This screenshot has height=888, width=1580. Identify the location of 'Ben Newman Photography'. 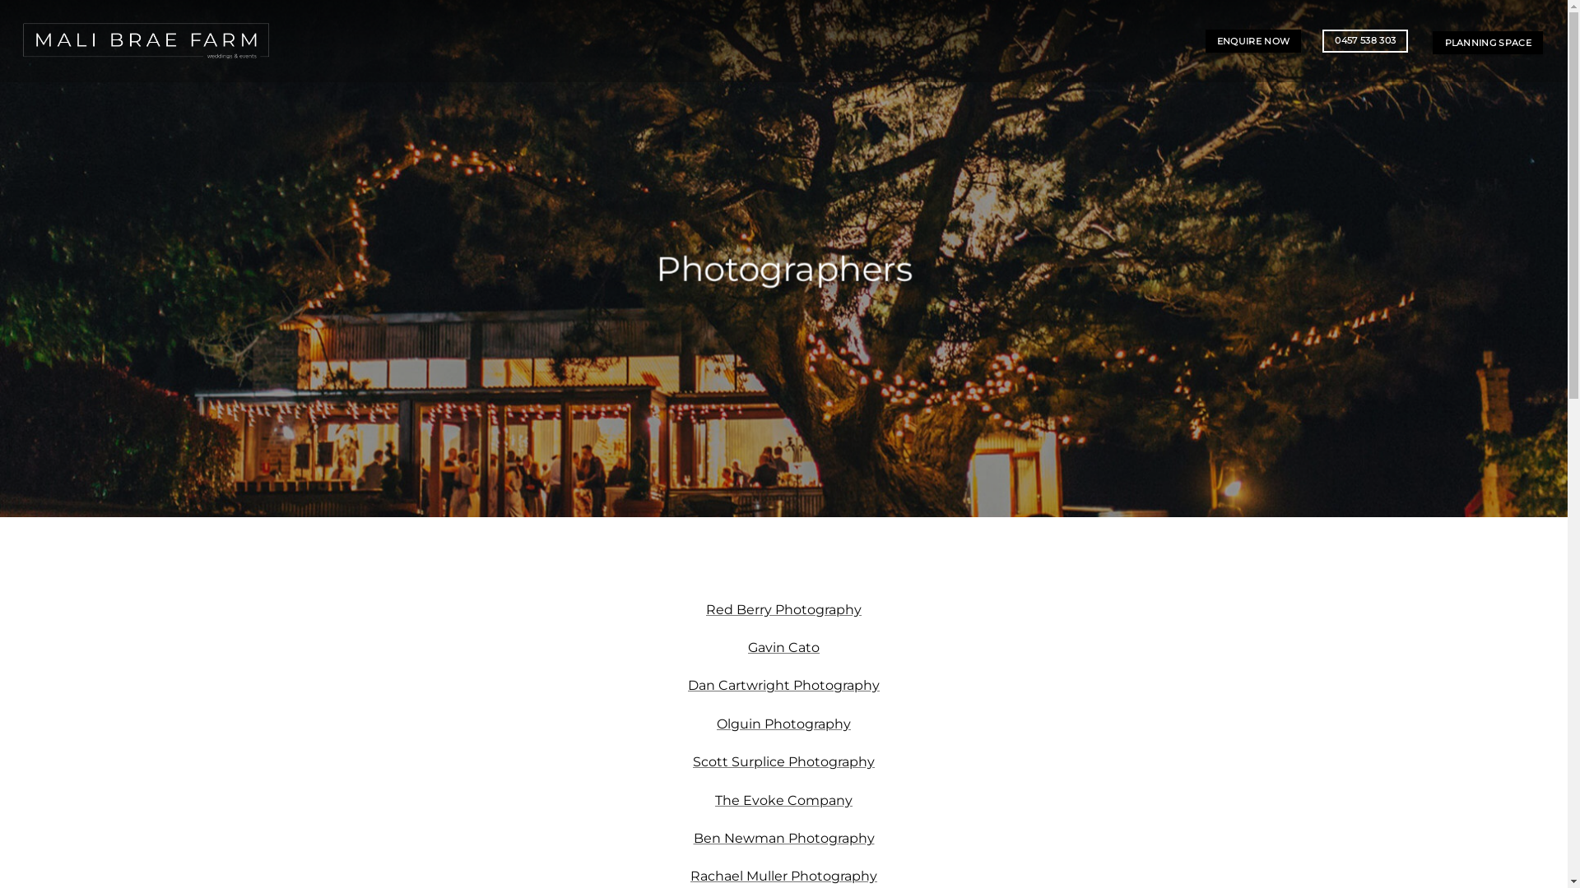
(692, 838).